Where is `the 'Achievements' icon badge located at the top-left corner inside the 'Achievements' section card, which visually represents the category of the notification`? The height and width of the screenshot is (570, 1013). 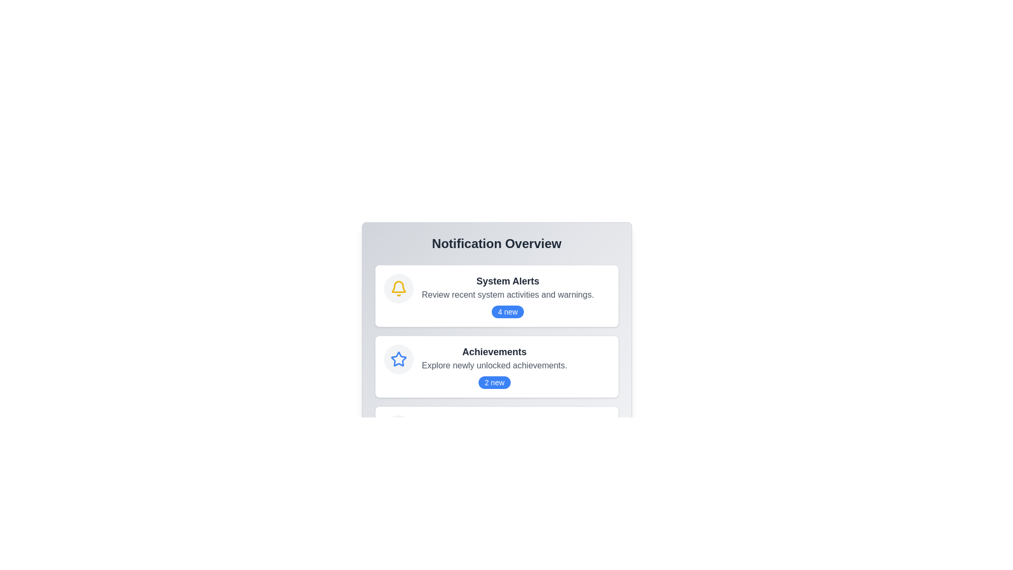 the 'Achievements' icon badge located at the top-left corner inside the 'Achievements' section card, which visually represents the category of the notification is located at coordinates (398, 359).